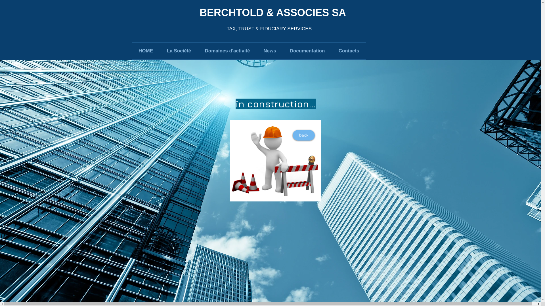 Image resolution: width=545 pixels, height=306 pixels. I want to click on 'Contacts', so click(348, 51).